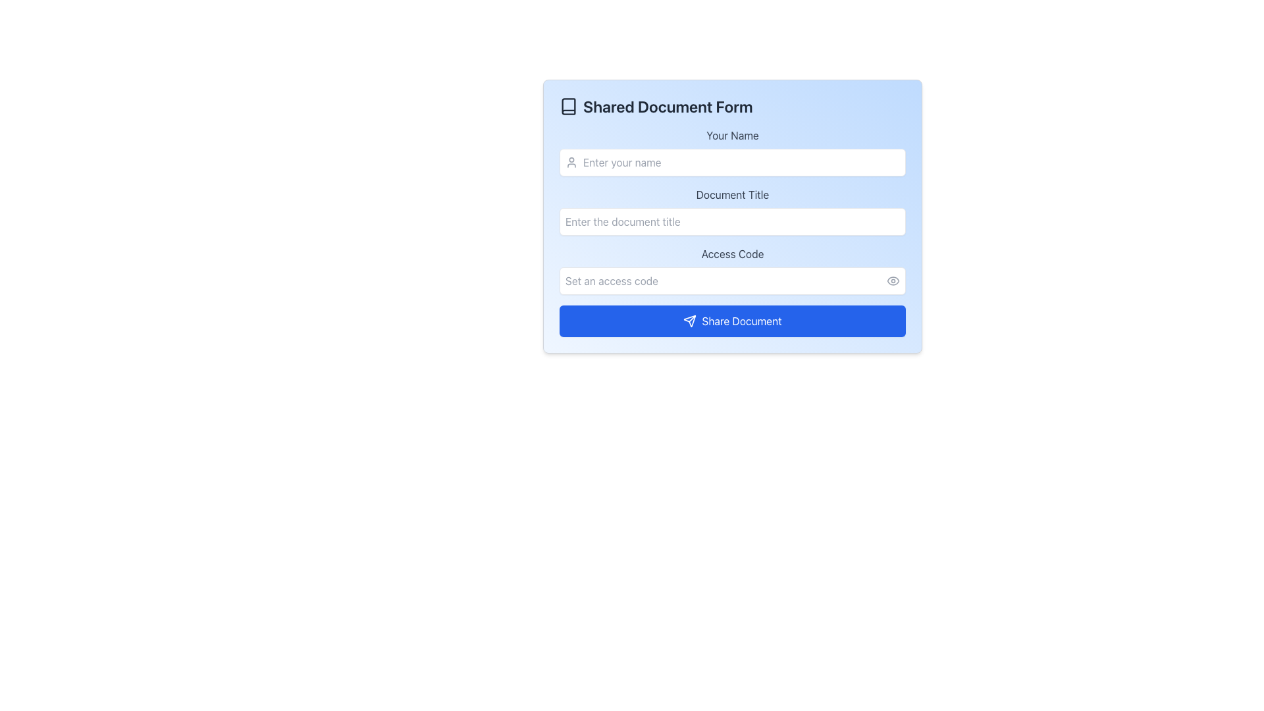 This screenshot has height=711, width=1264. What do you see at coordinates (732, 232) in the screenshot?
I see `the 'Document Title' input field in the form` at bounding box center [732, 232].